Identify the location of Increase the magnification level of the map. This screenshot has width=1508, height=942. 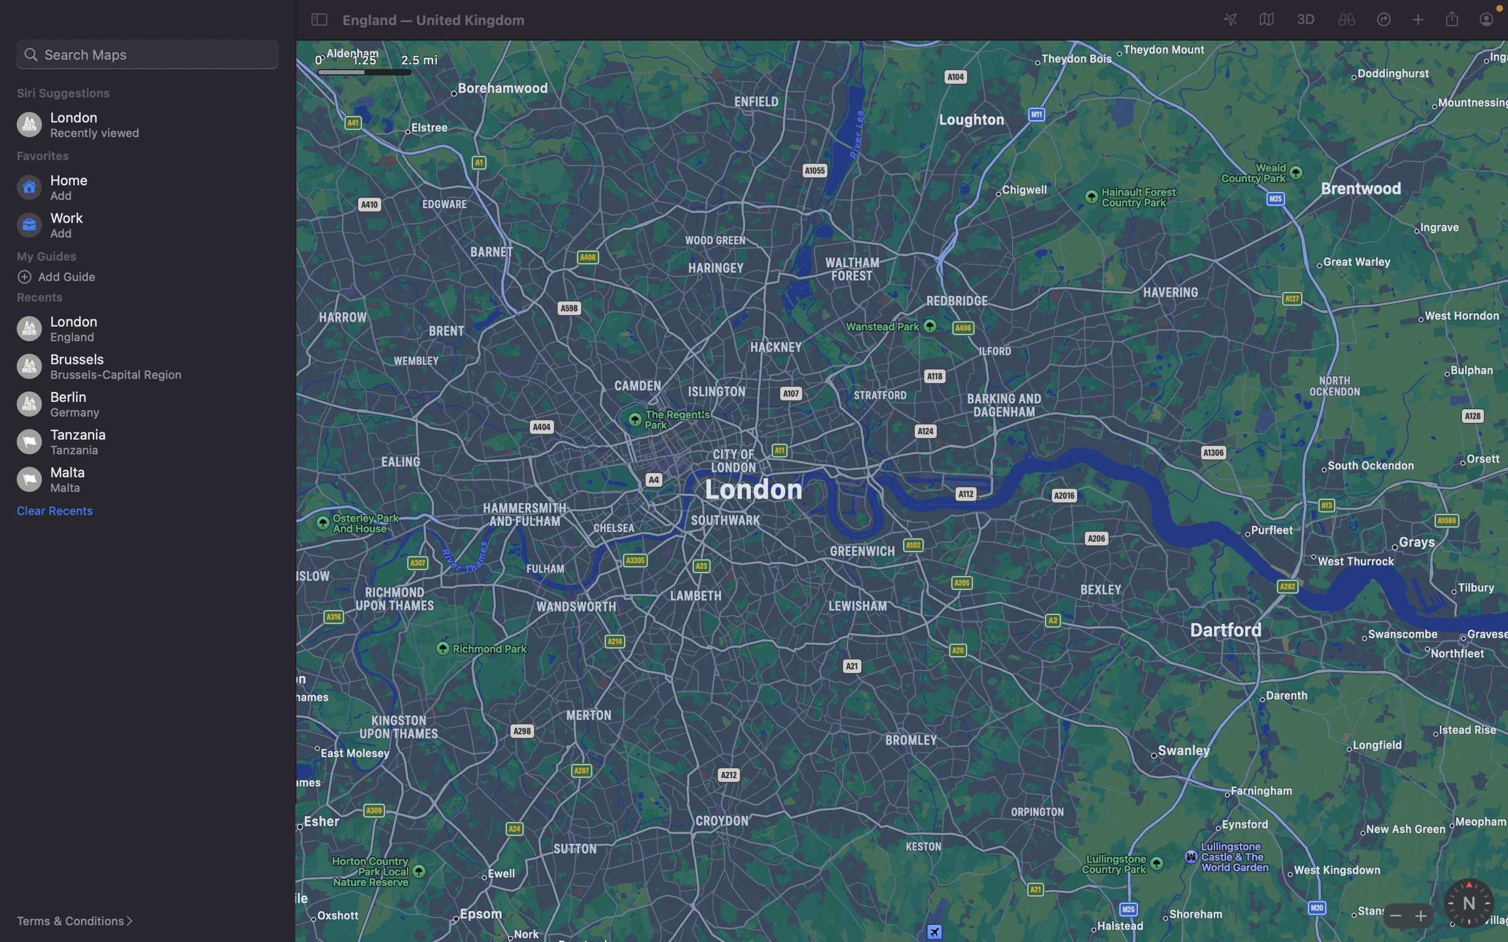
(1418, 915).